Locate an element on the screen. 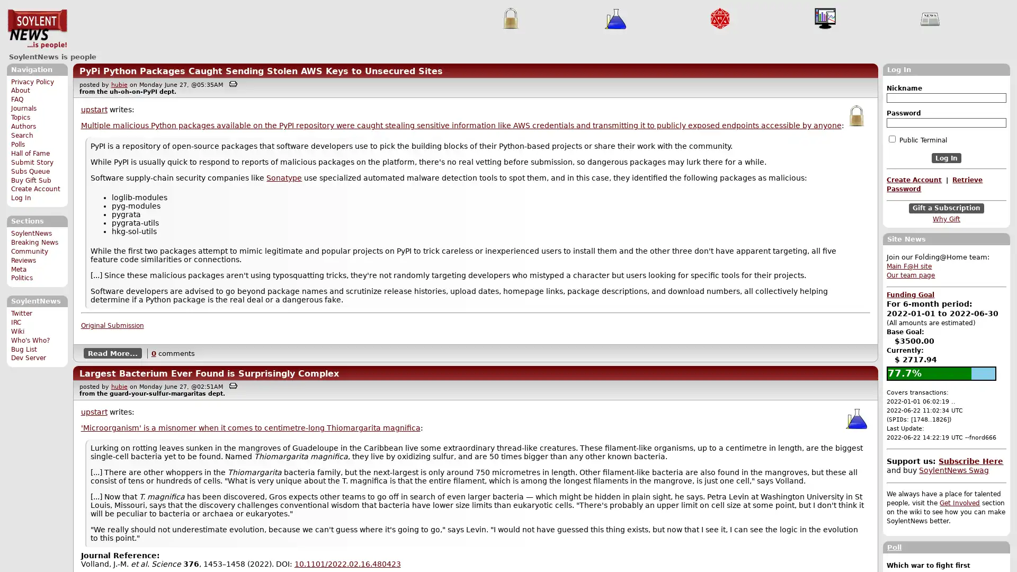 The width and height of the screenshot is (1017, 572). Log In is located at coordinates (946, 158).